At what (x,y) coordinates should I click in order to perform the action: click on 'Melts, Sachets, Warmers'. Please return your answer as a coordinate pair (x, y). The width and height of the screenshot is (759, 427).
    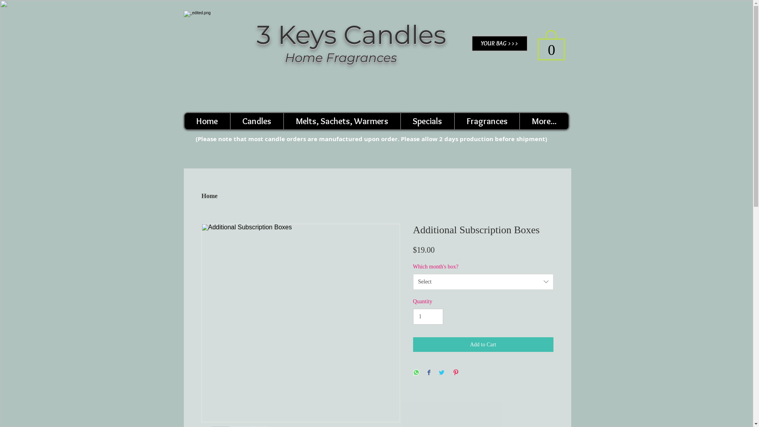
    Looking at the image, I should click on (342, 121).